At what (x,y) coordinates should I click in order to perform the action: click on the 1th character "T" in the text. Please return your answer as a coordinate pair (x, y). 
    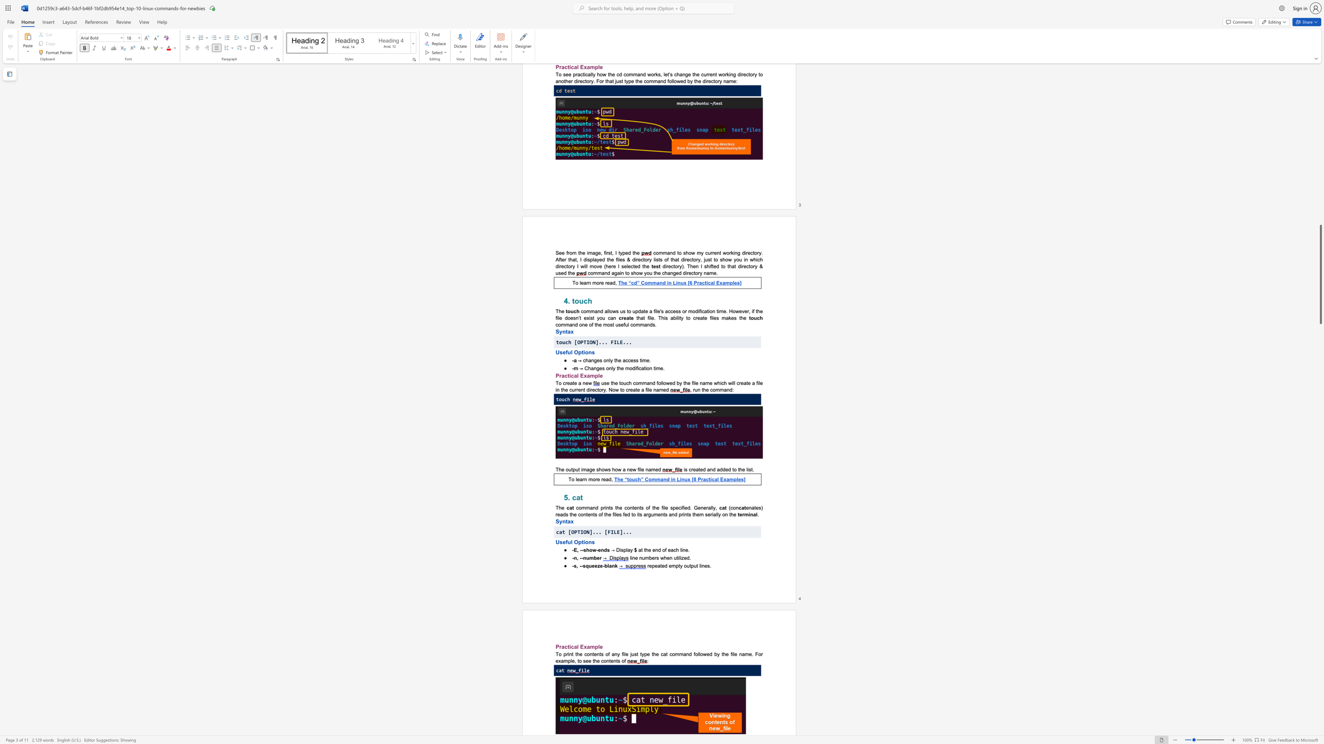
    Looking at the image, I should click on (557, 469).